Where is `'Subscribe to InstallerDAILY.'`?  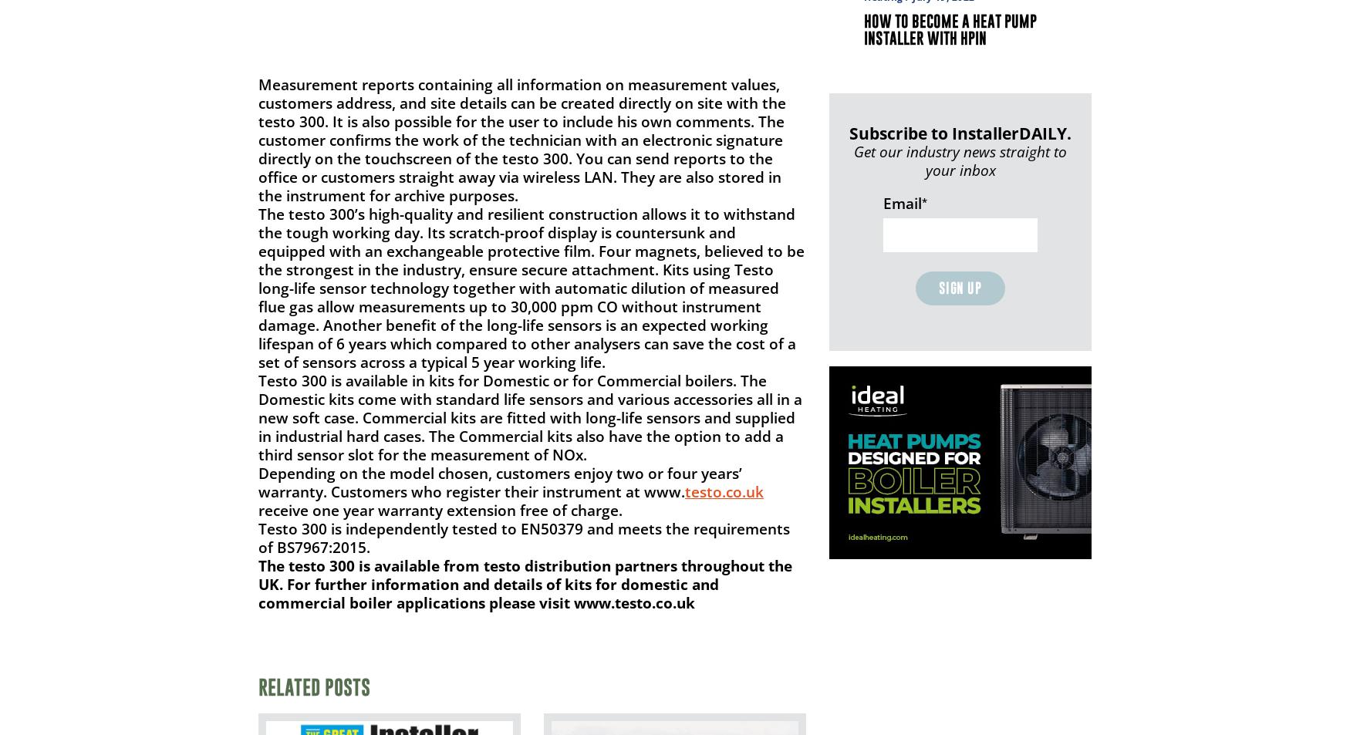 'Subscribe to InstallerDAILY.' is located at coordinates (960, 132).